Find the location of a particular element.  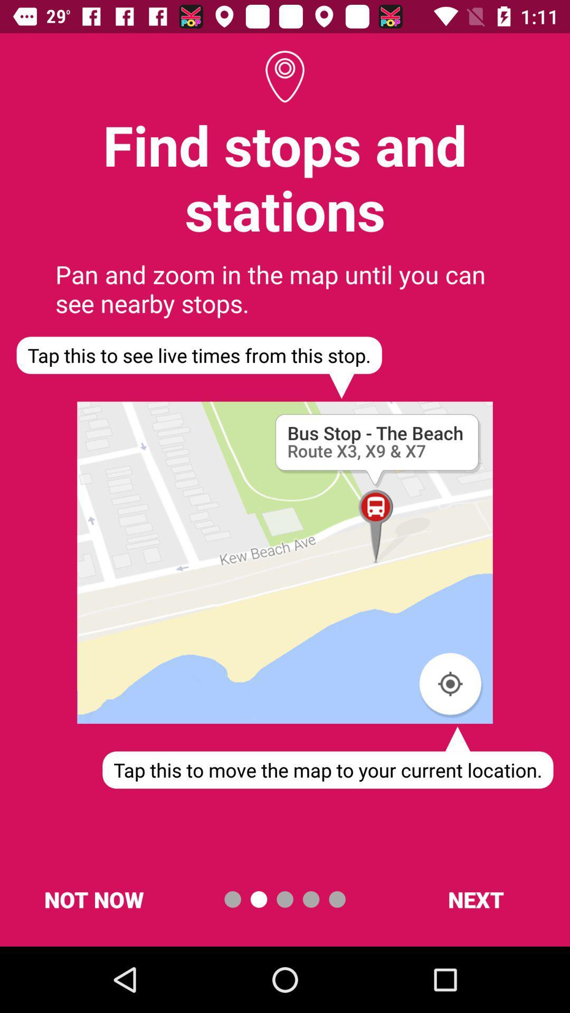

the button at bottom left corner of the page is located at coordinates (93, 899).